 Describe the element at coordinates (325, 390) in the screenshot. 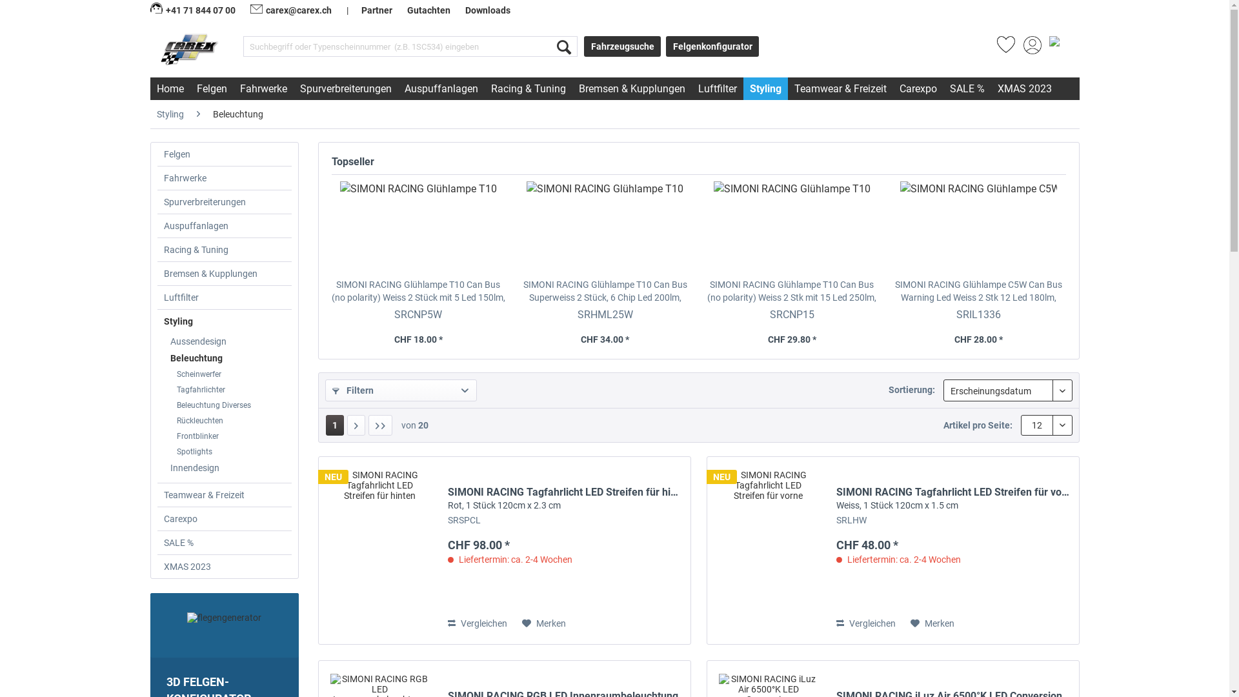

I see `'Filtern'` at that location.